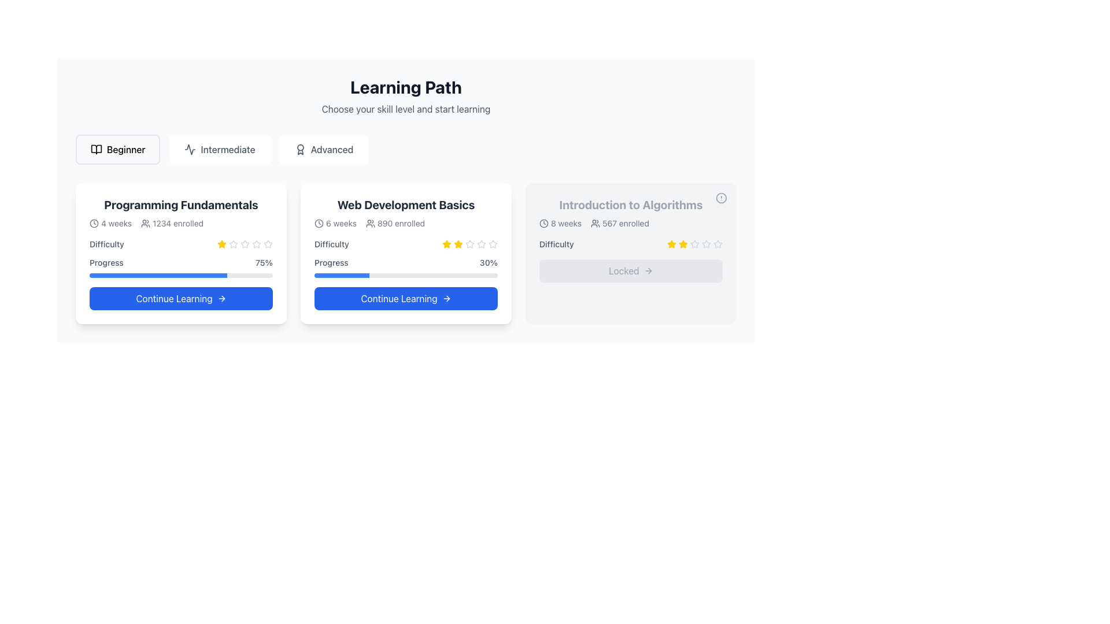  Describe the element at coordinates (406, 223) in the screenshot. I see `the informational group displaying '6 weeks' and '890 enrolled' with respective icons, located below 'Web Development Basics' in the second card from the left` at that location.